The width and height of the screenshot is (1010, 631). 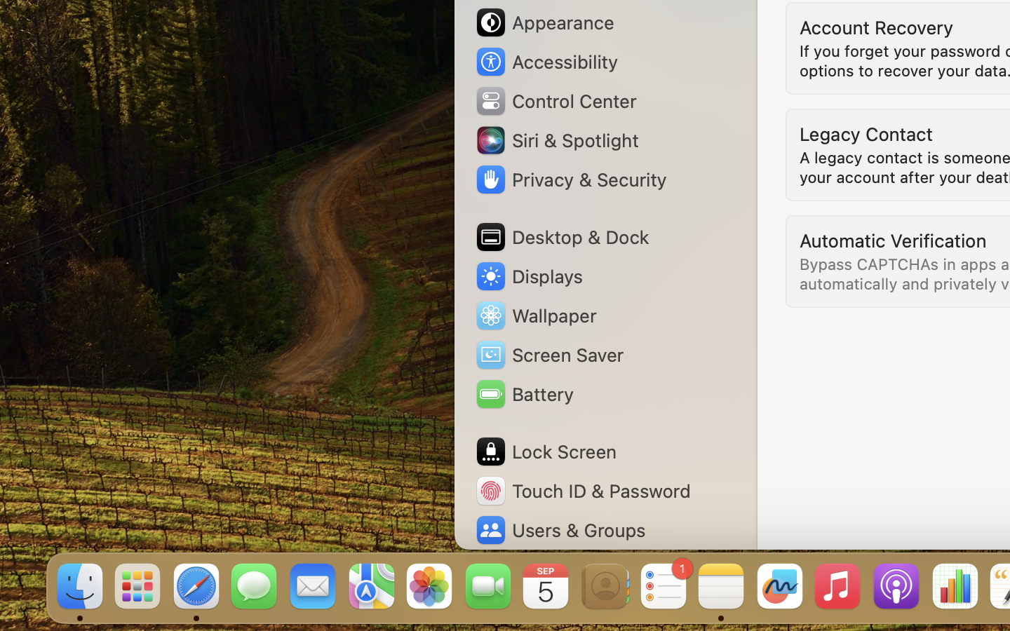 What do you see at coordinates (544, 22) in the screenshot?
I see `'Appearance'` at bounding box center [544, 22].